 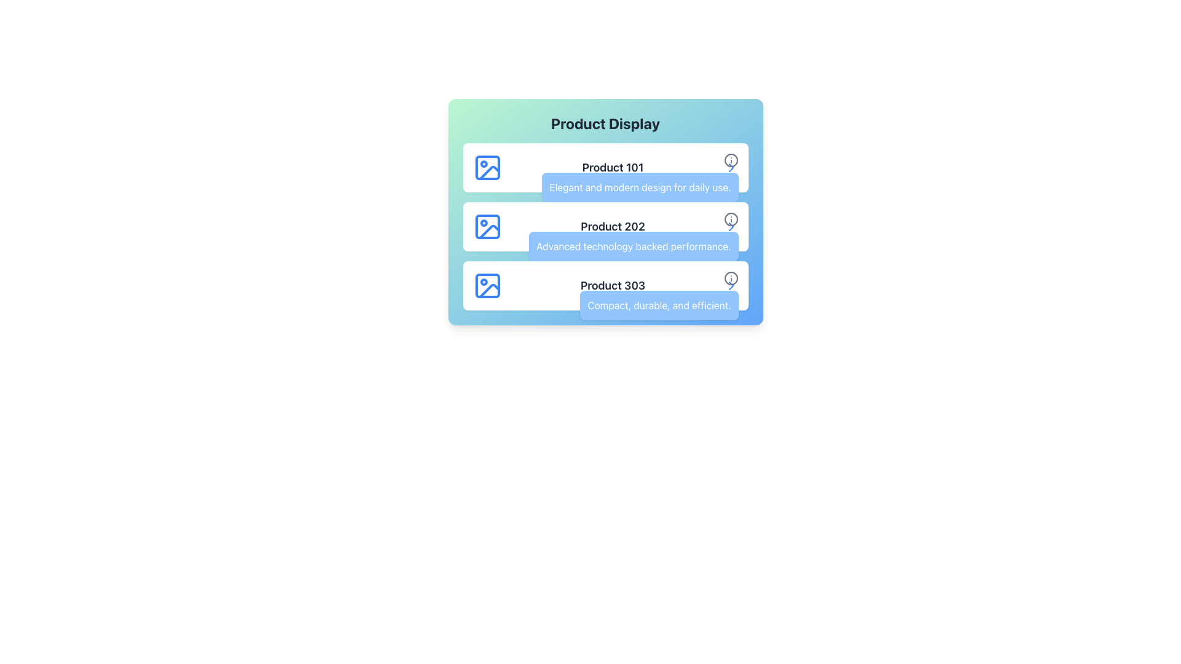 What do you see at coordinates (613, 286) in the screenshot?
I see `the Text Display element that presents the name and brief description of 'Product 303', located in the third row of product displays` at bounding box center [613, 286].